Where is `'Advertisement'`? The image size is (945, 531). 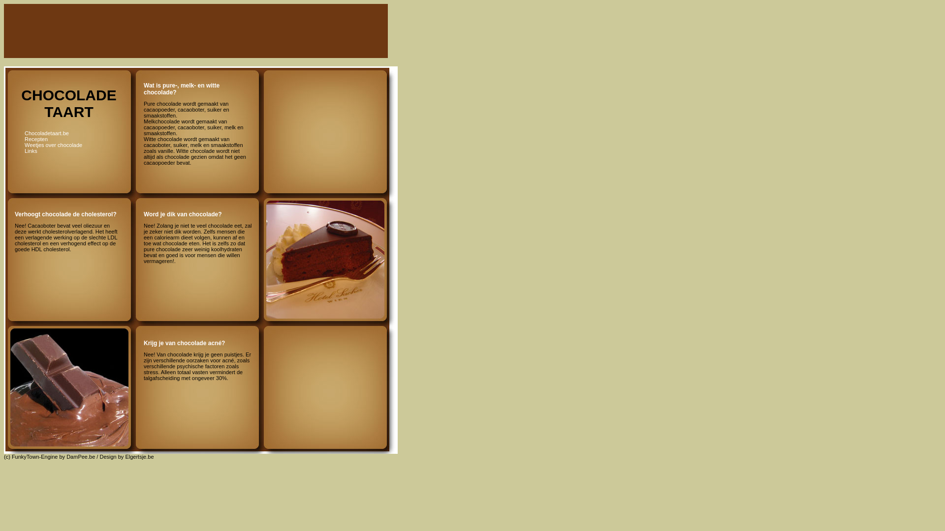 'Advertisement' is located at coordinates (205, 31).